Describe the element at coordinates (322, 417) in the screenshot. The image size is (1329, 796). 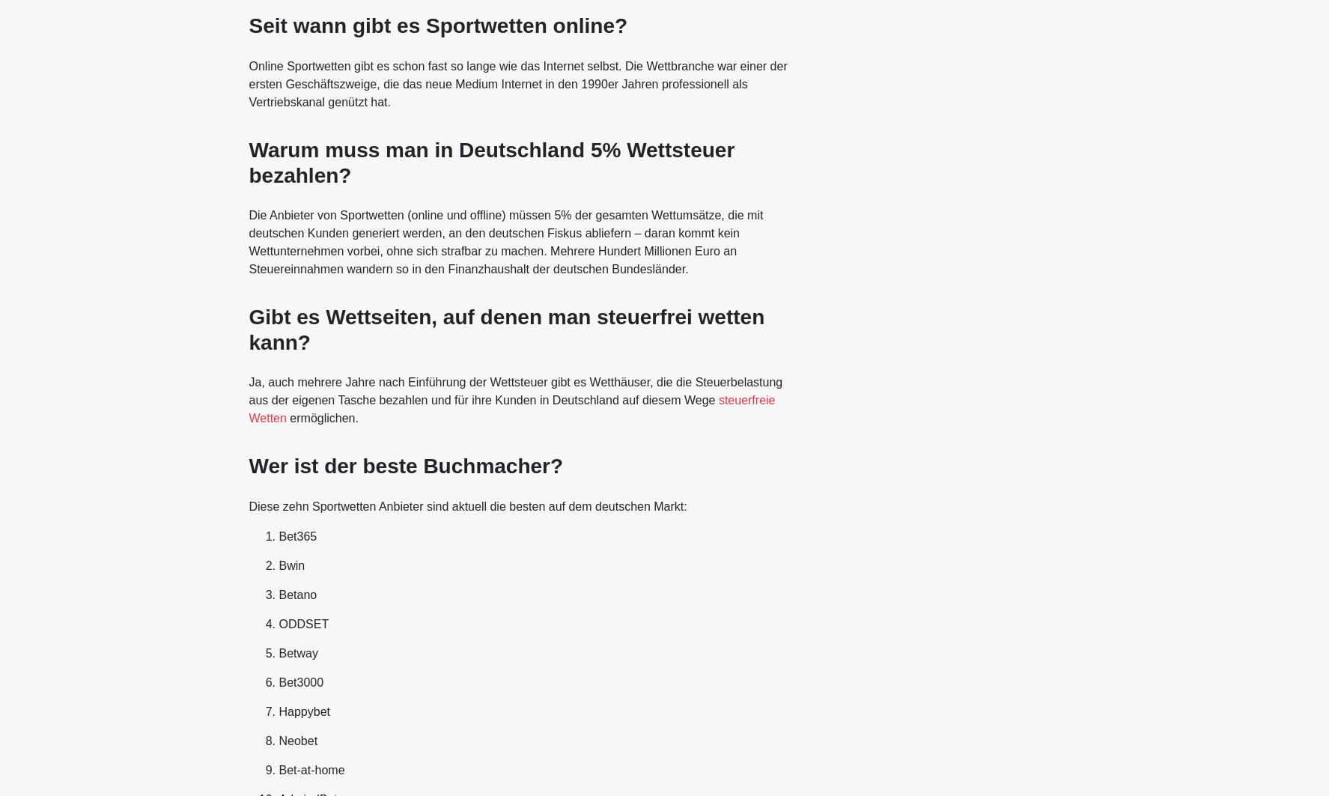
I see `'ermöglichen.'` at that location.